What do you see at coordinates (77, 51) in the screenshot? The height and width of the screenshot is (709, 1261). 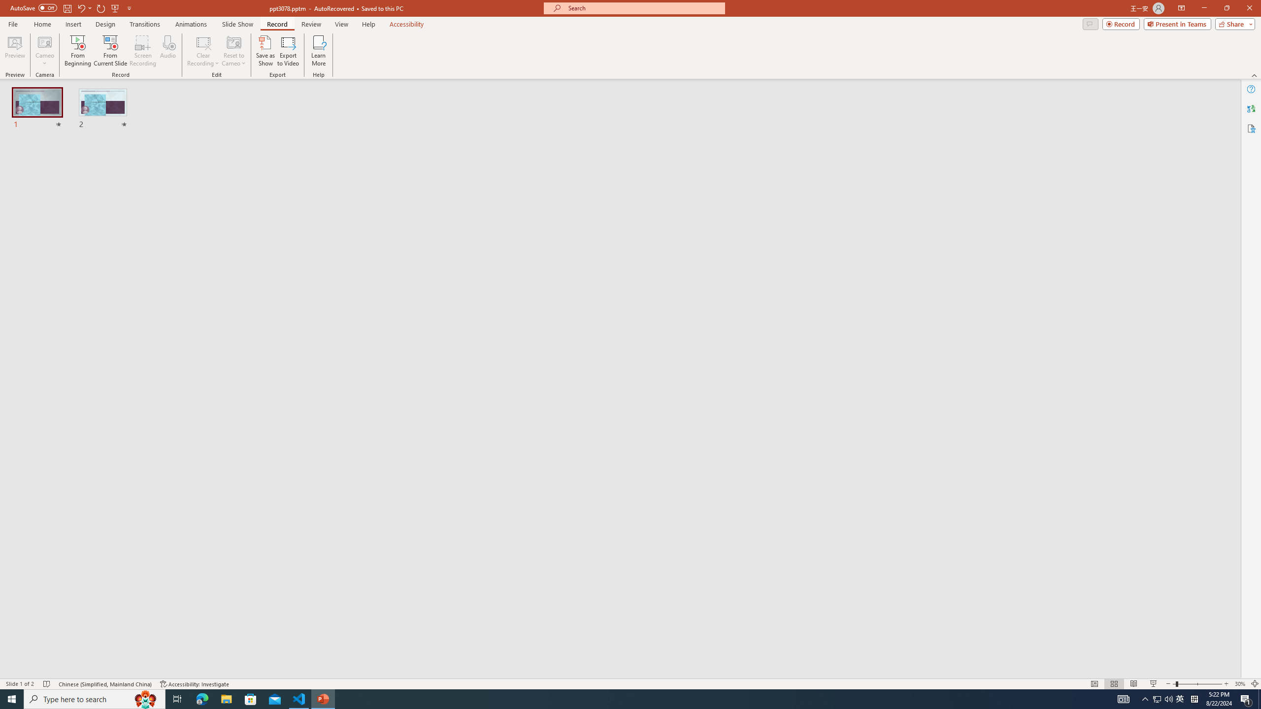 I see `'From Beginning...'` at bounding box center [77, 51].